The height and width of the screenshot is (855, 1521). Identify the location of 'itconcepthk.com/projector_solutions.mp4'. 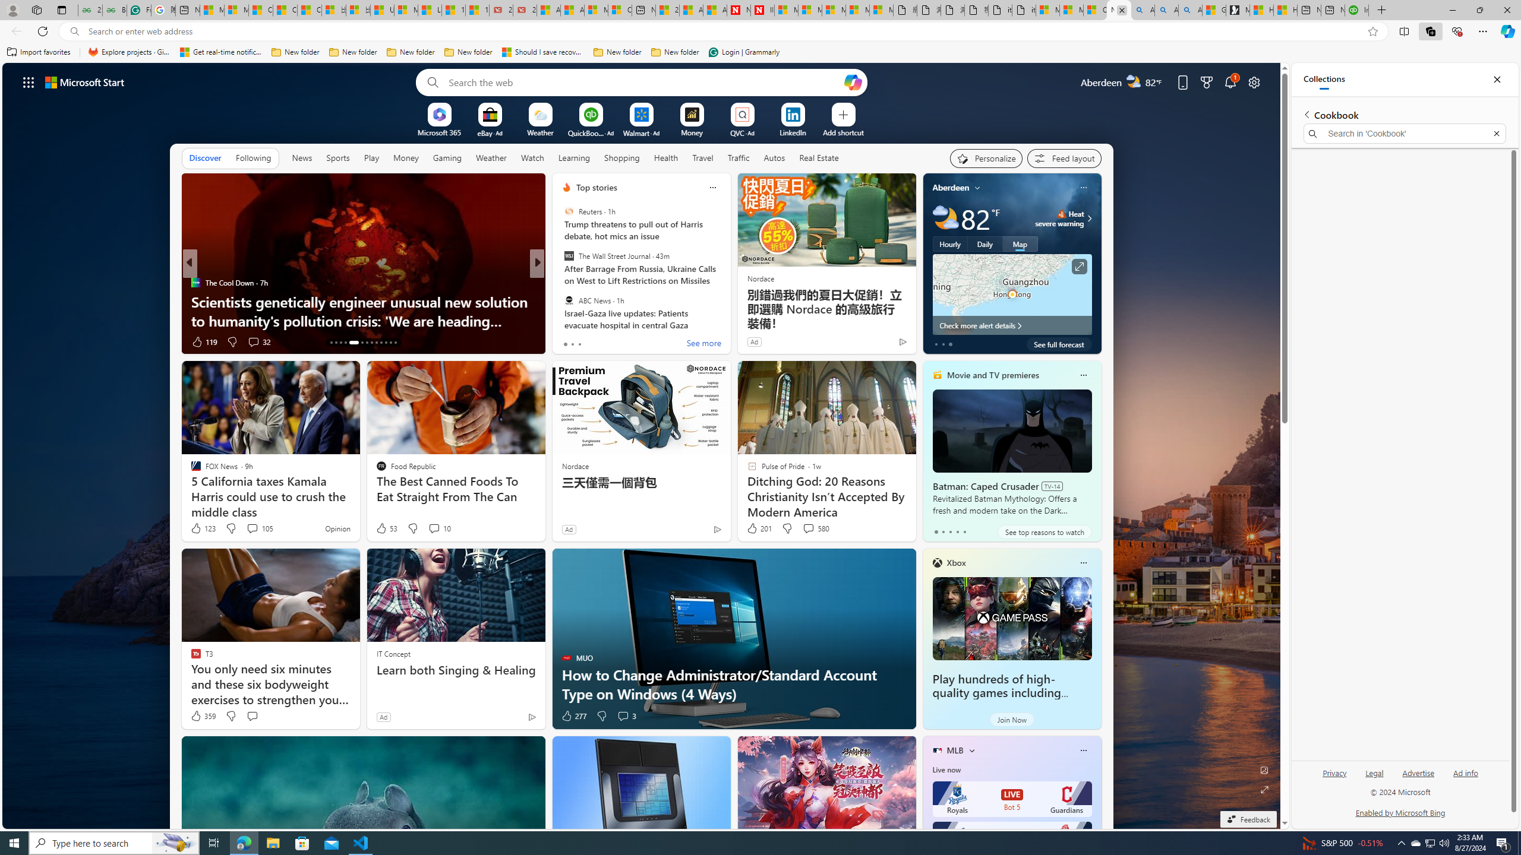
(1023, 9).